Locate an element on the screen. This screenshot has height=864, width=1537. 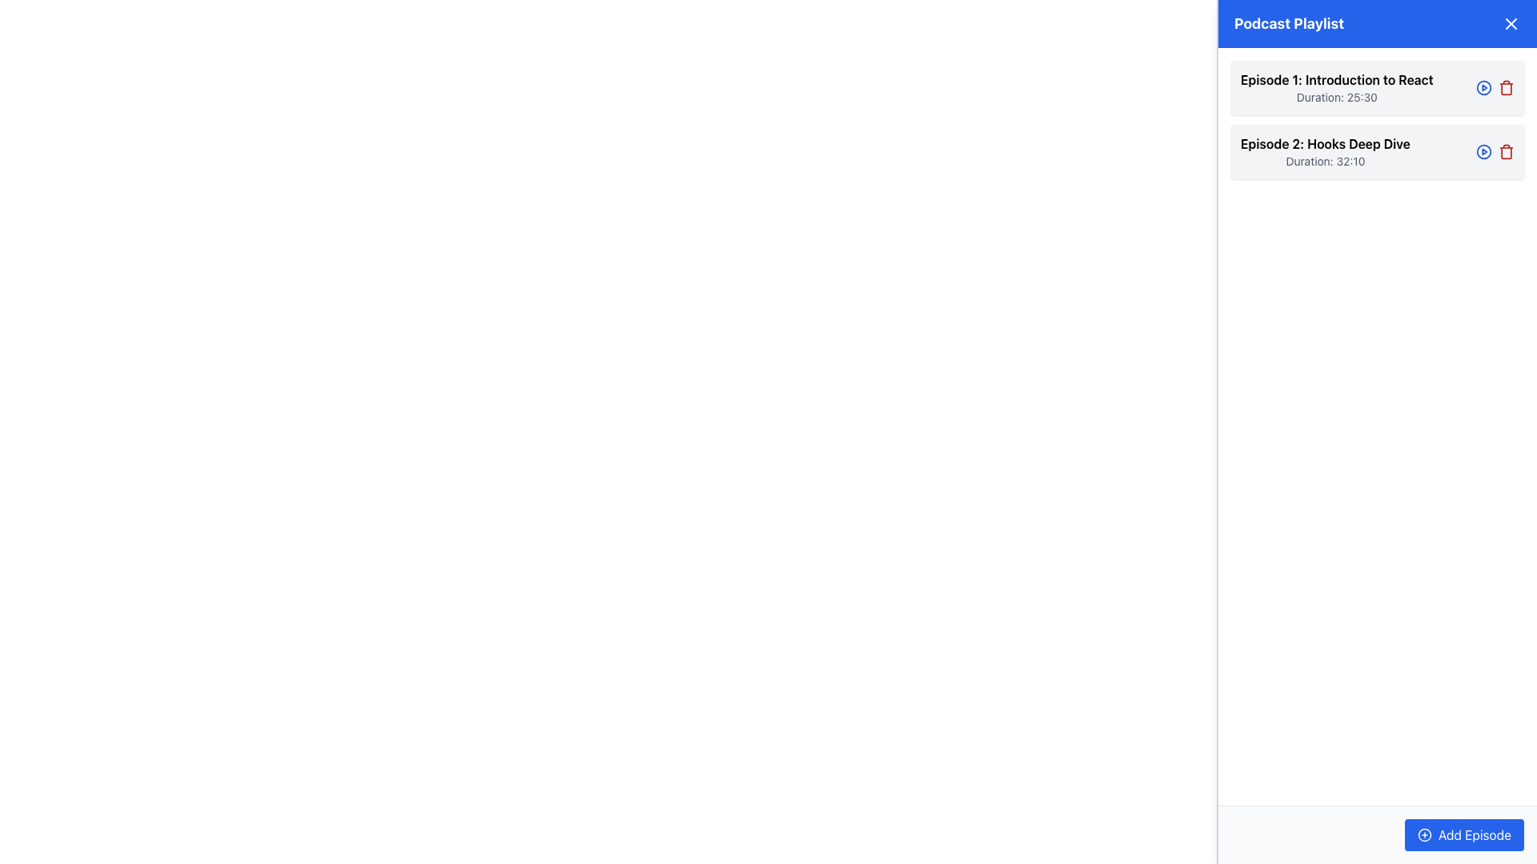
the play button located to the right of the list entry for 'Episode 2: Hooks Deep Dive' in the 'Podcast Playlist' panel to initiate playback of the associated podcast episode is located at coordinates (1483, 151).